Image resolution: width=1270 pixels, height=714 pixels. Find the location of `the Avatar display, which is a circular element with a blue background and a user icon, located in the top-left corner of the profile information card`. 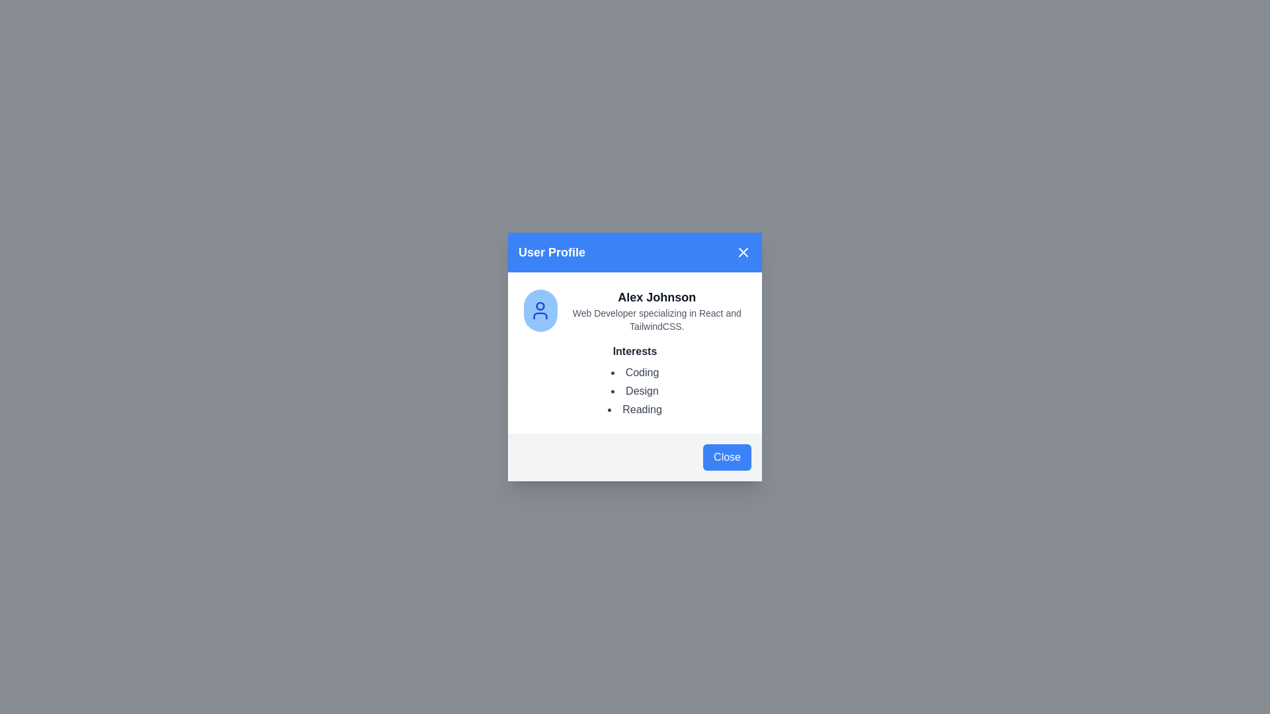

the Avatar display, which is a circular element with a blue background and a user icon, located in the top-left corner of the profile information card is located at coordinates (540, 311).